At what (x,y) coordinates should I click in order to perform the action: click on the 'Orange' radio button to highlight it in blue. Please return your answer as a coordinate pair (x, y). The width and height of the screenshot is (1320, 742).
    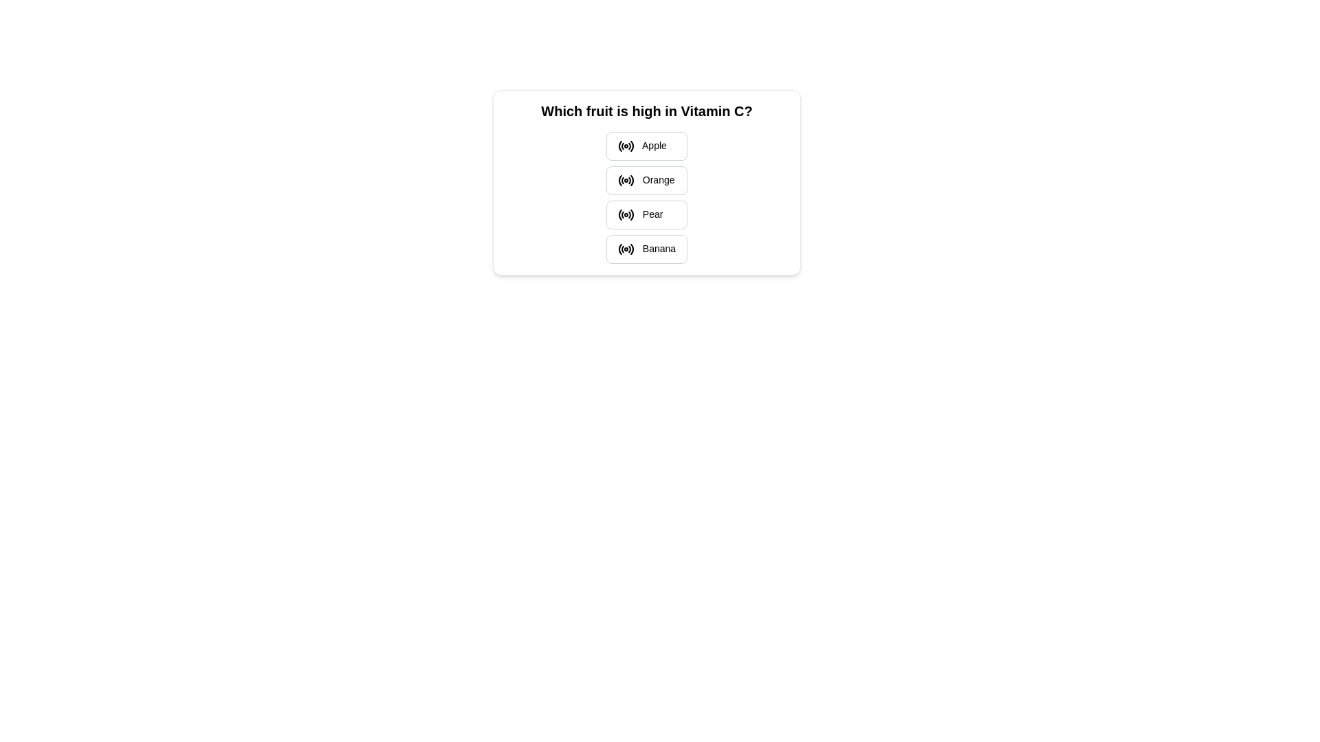
    Looking at the image, I should click on (646, 179).